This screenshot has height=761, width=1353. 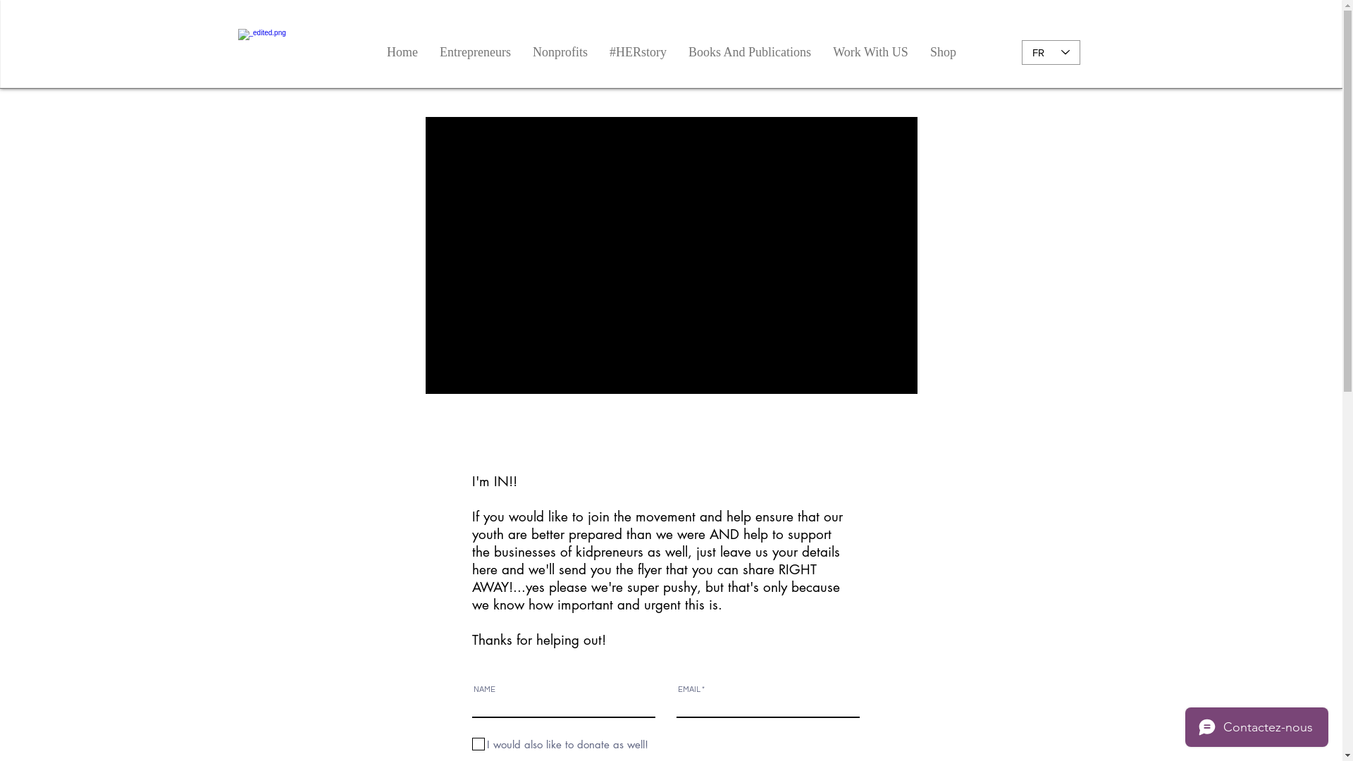 What do you see at coordinates (401, 51) in the screenshot?
I see `'Home'` at bounding box center [401, 51].